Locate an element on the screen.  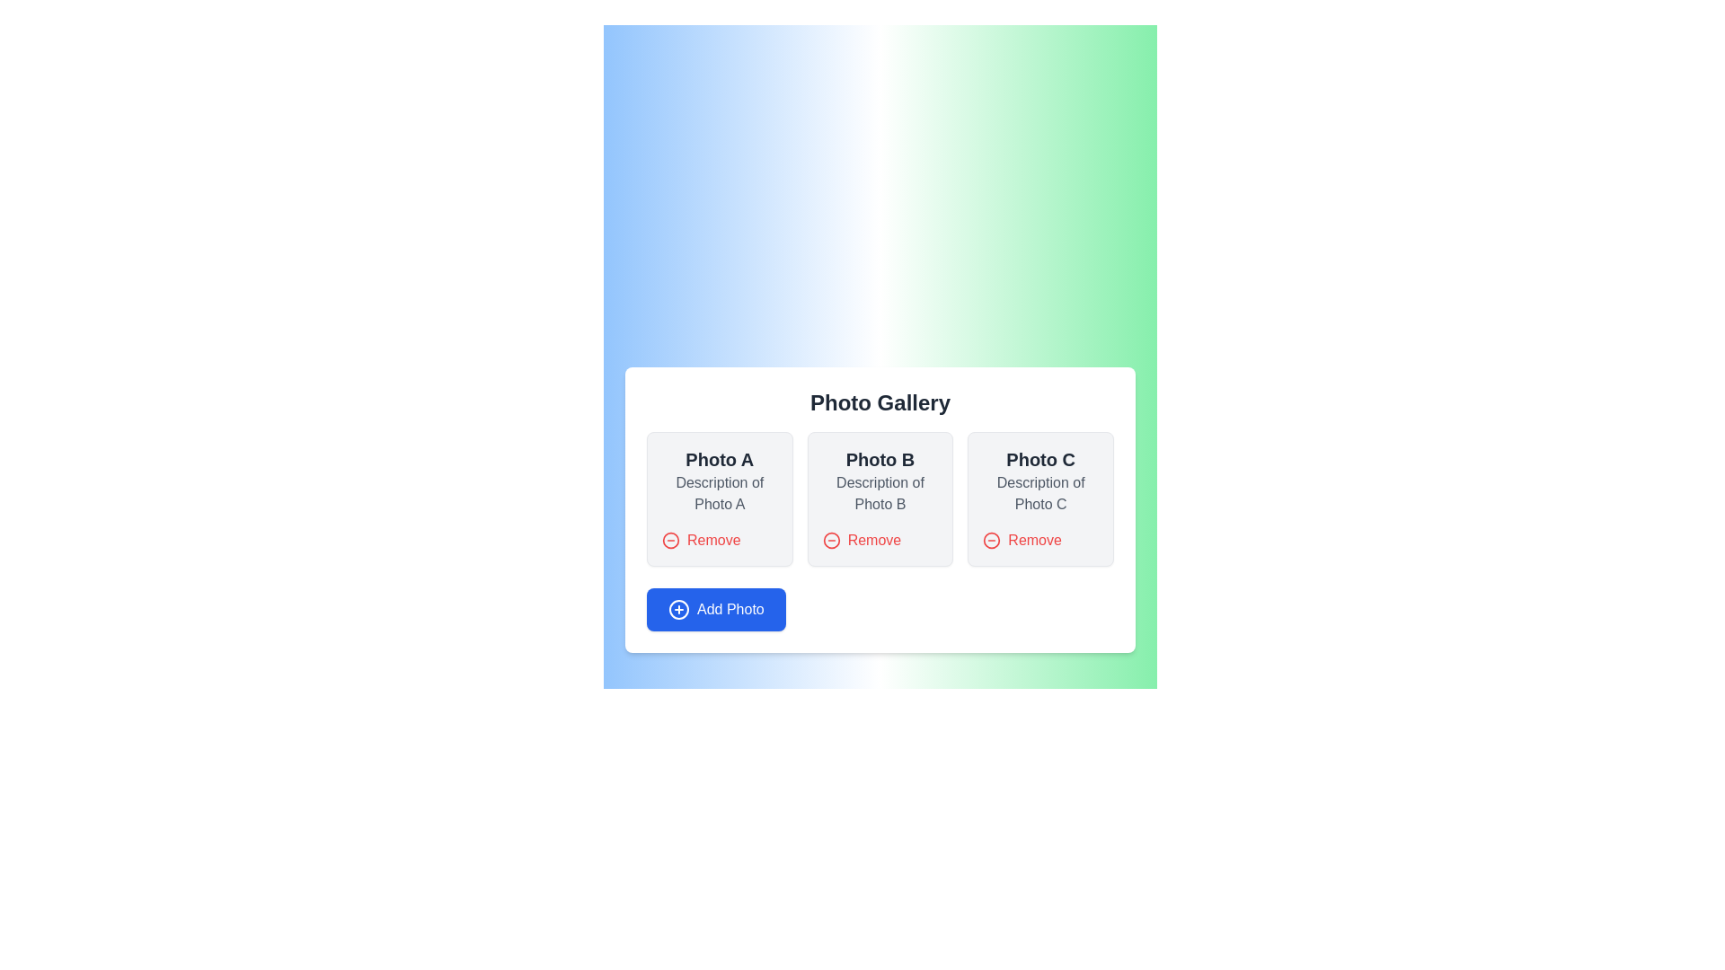
the interactive icon for removing 'Photo B' from the gallery is located at coordinates (830, 539).